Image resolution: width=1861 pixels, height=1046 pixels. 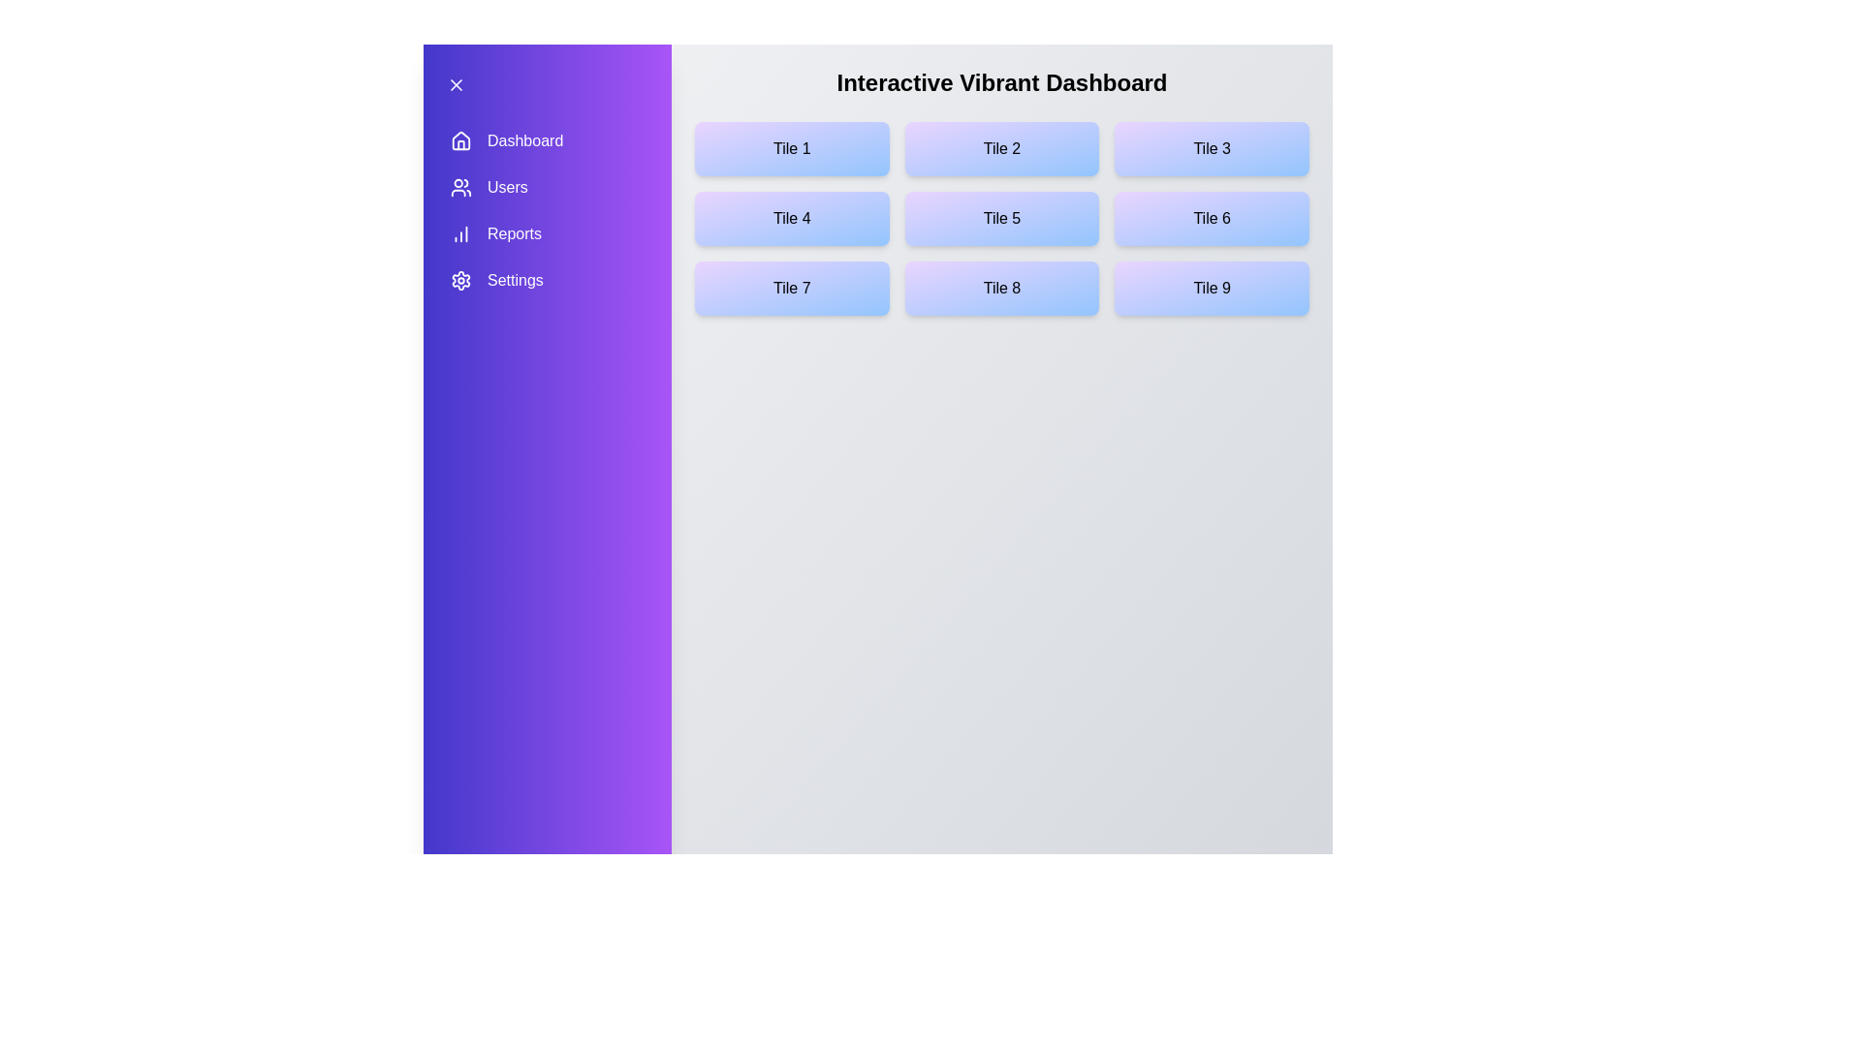 I want to click on the menu item Reports to navigate, so click(x=547, y=233).